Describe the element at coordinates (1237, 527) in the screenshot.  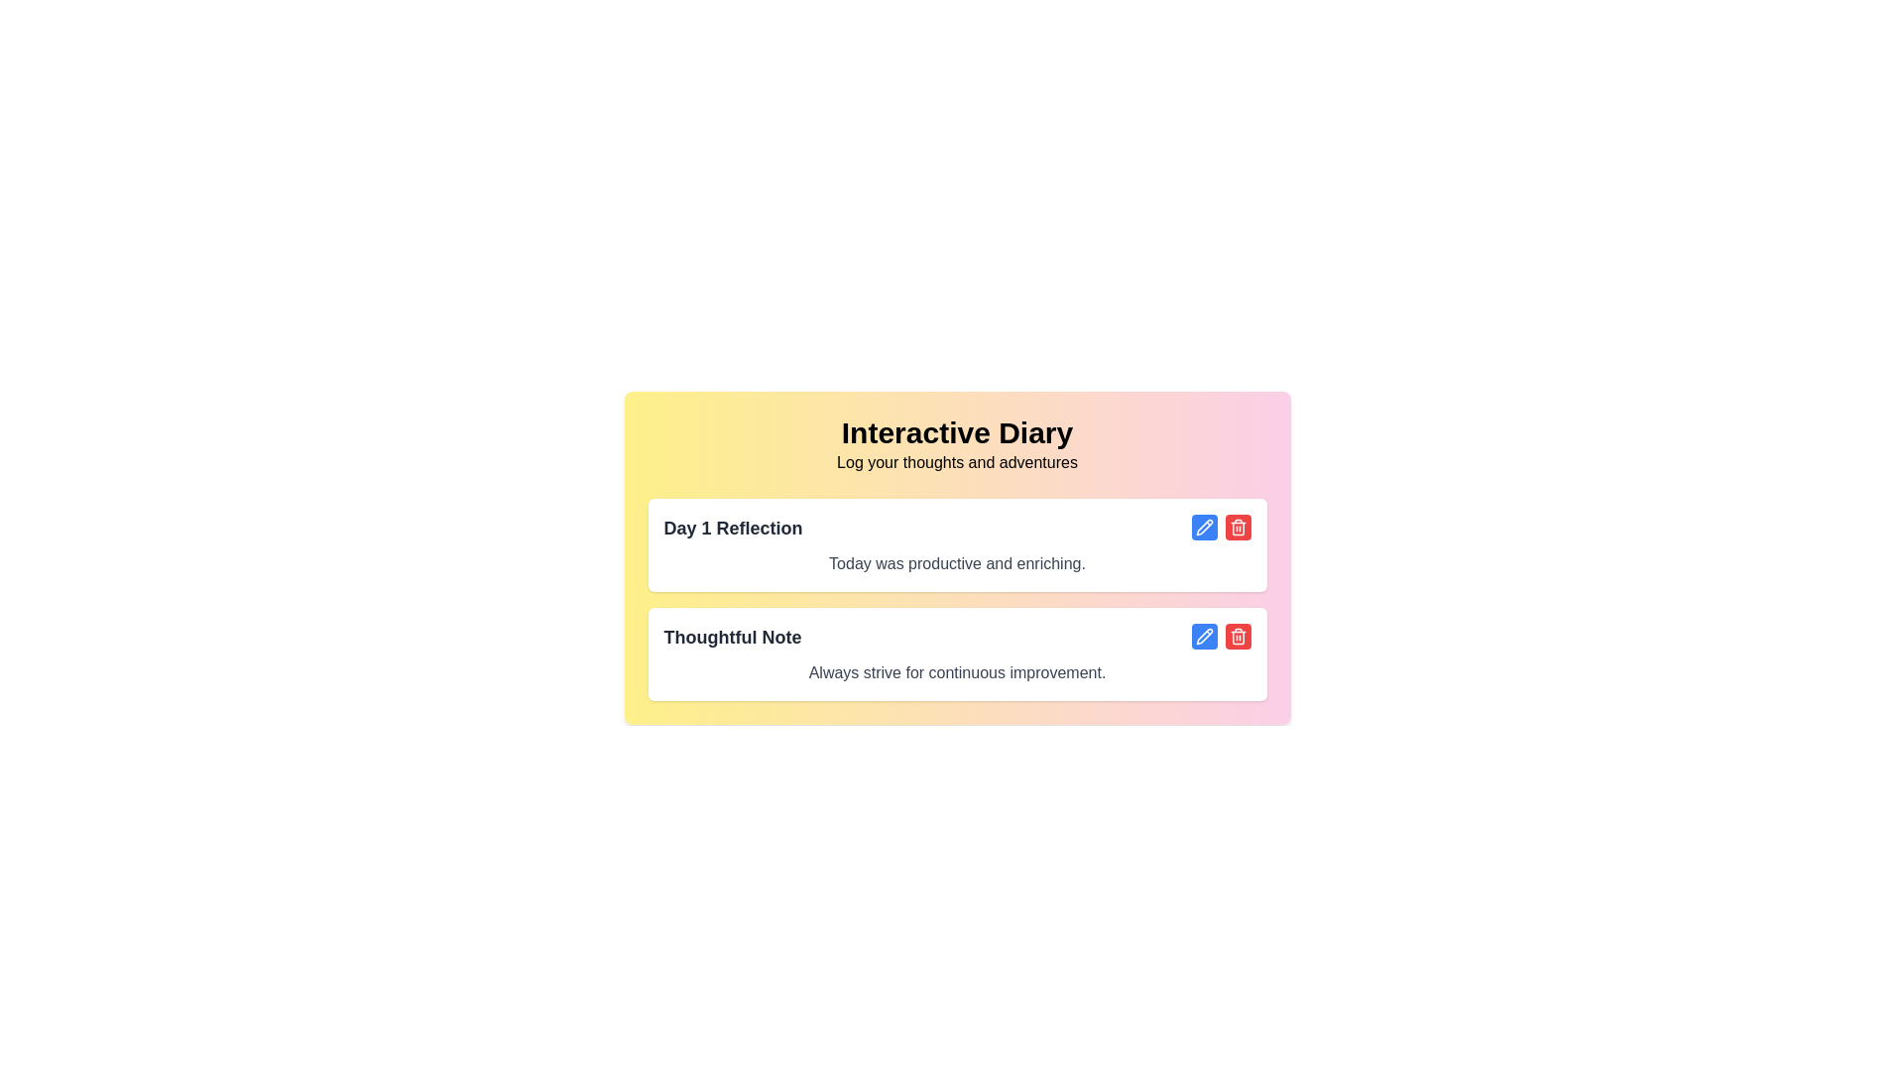
I see `the prominent red rounded button with a white trashcan icon located at the far right of the second item's action controls to change the background color` at that location.